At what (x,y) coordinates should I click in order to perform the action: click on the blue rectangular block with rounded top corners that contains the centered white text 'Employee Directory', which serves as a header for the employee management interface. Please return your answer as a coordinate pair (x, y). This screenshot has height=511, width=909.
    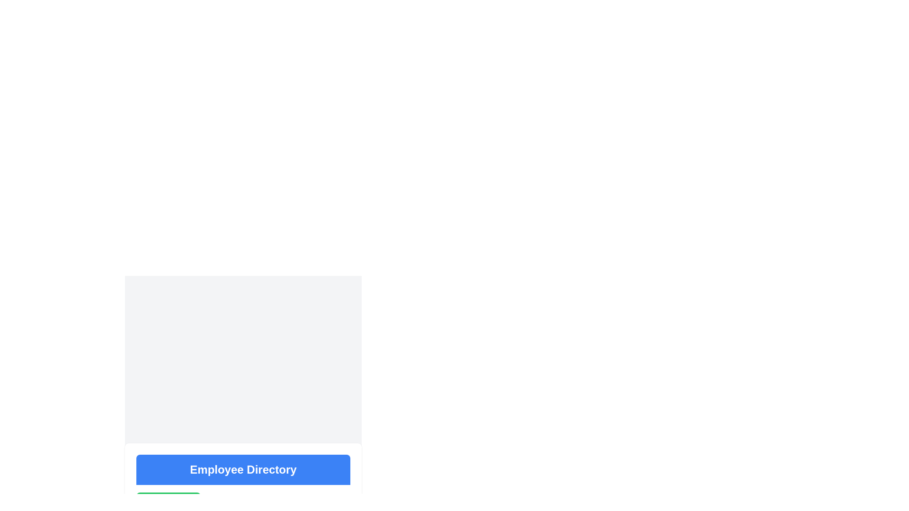
    Looking at the image, I should click on (243, 469).